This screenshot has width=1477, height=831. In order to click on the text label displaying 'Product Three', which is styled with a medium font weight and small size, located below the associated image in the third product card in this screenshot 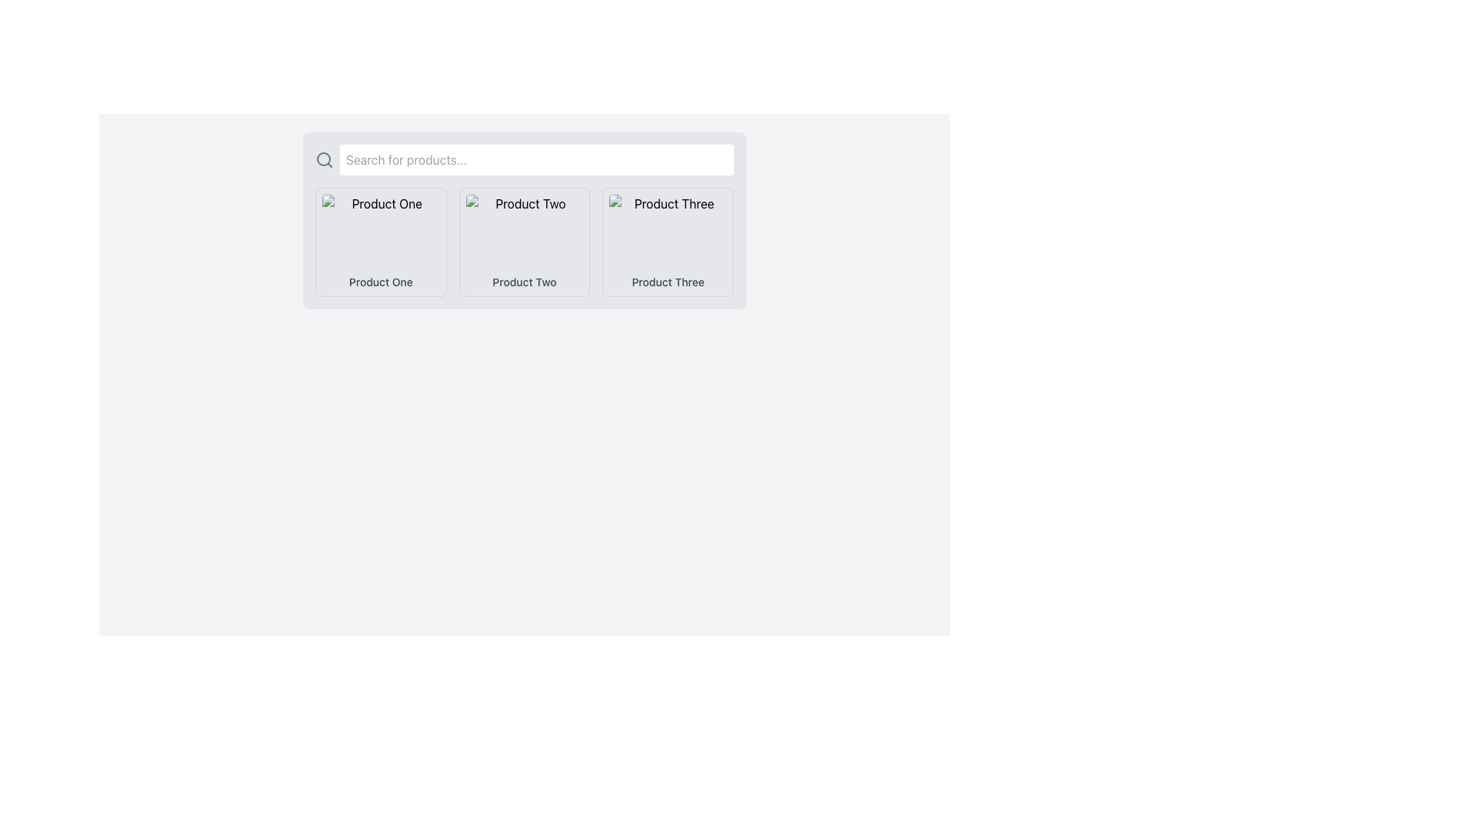, I will do `click(668, 282)`.